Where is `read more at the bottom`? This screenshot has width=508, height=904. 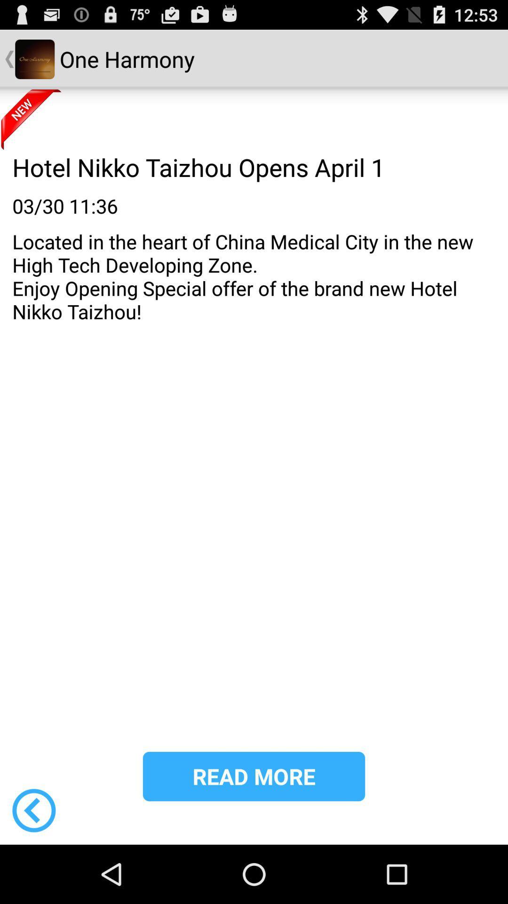 read more at the bottom is located at coordinates (254, 776).